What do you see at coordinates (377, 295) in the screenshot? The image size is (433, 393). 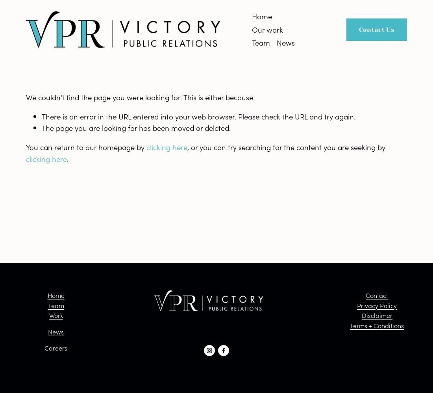 I see `'Contact'` at bounding box center [377, 295].